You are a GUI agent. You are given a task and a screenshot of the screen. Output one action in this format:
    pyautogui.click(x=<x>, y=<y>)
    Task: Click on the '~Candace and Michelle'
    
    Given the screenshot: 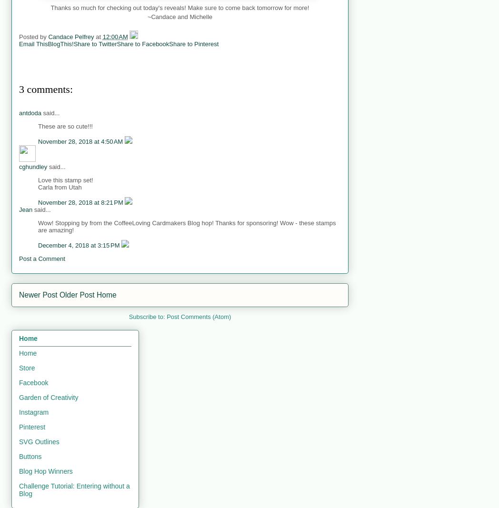 What is the action you would take?
    pyautogui.click(x=179, y=16)
    